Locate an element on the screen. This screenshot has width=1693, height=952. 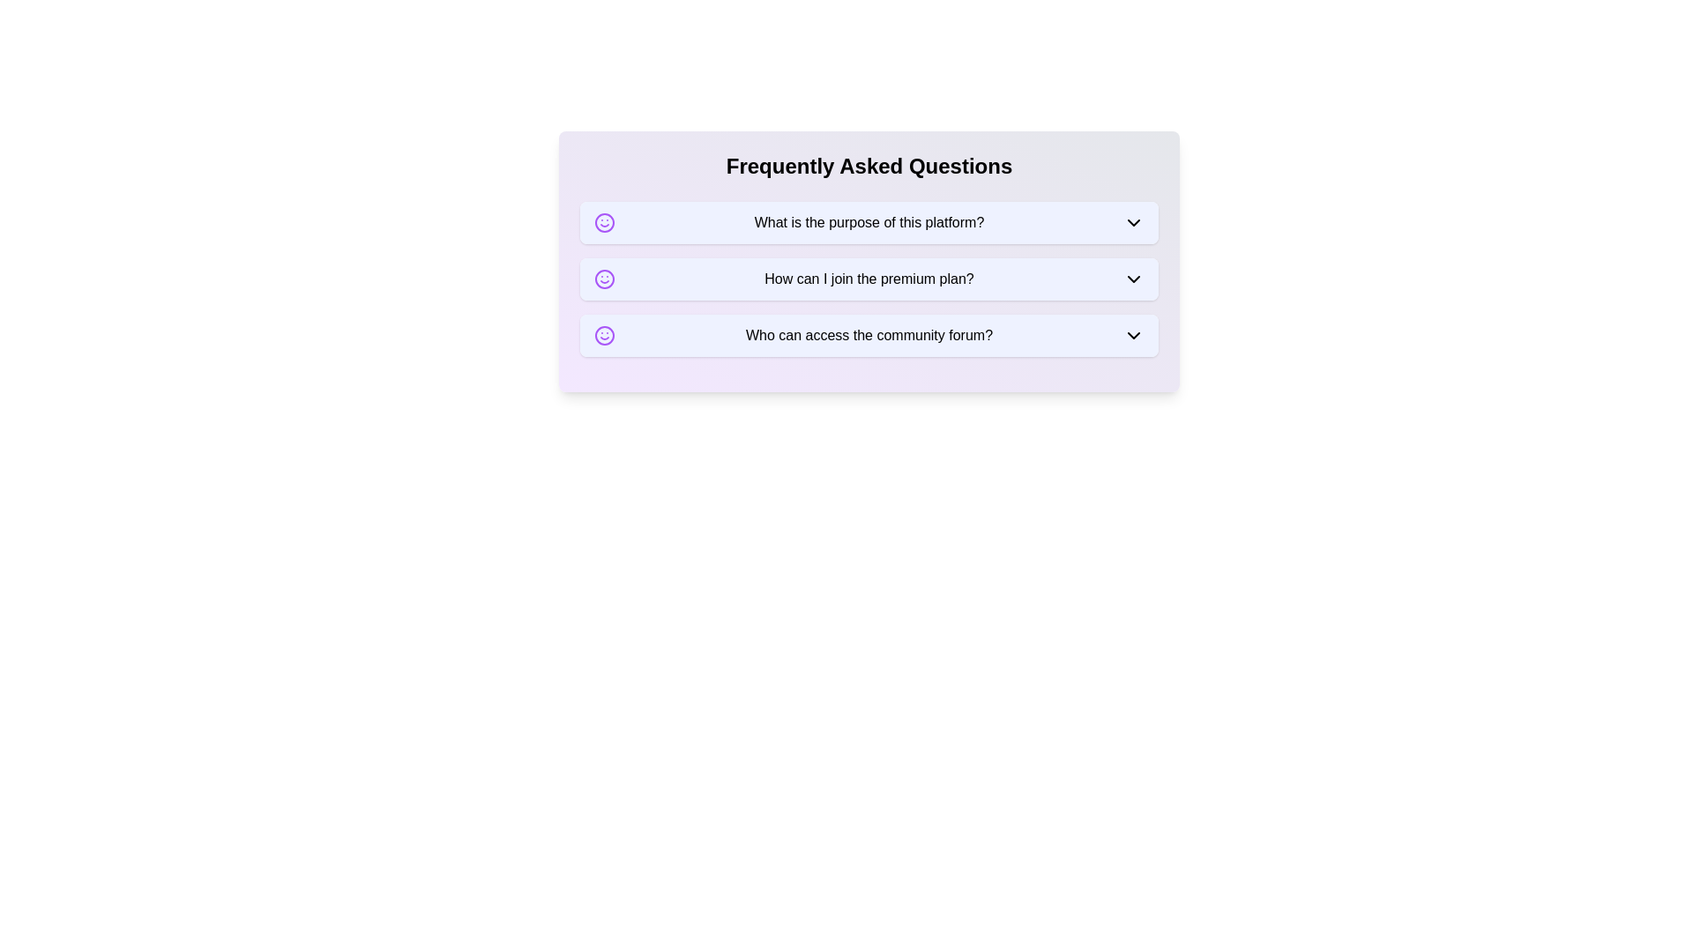
the collapsible section header containing the text 'How can I join the premium plan?' is located at coordinates (869, 278).